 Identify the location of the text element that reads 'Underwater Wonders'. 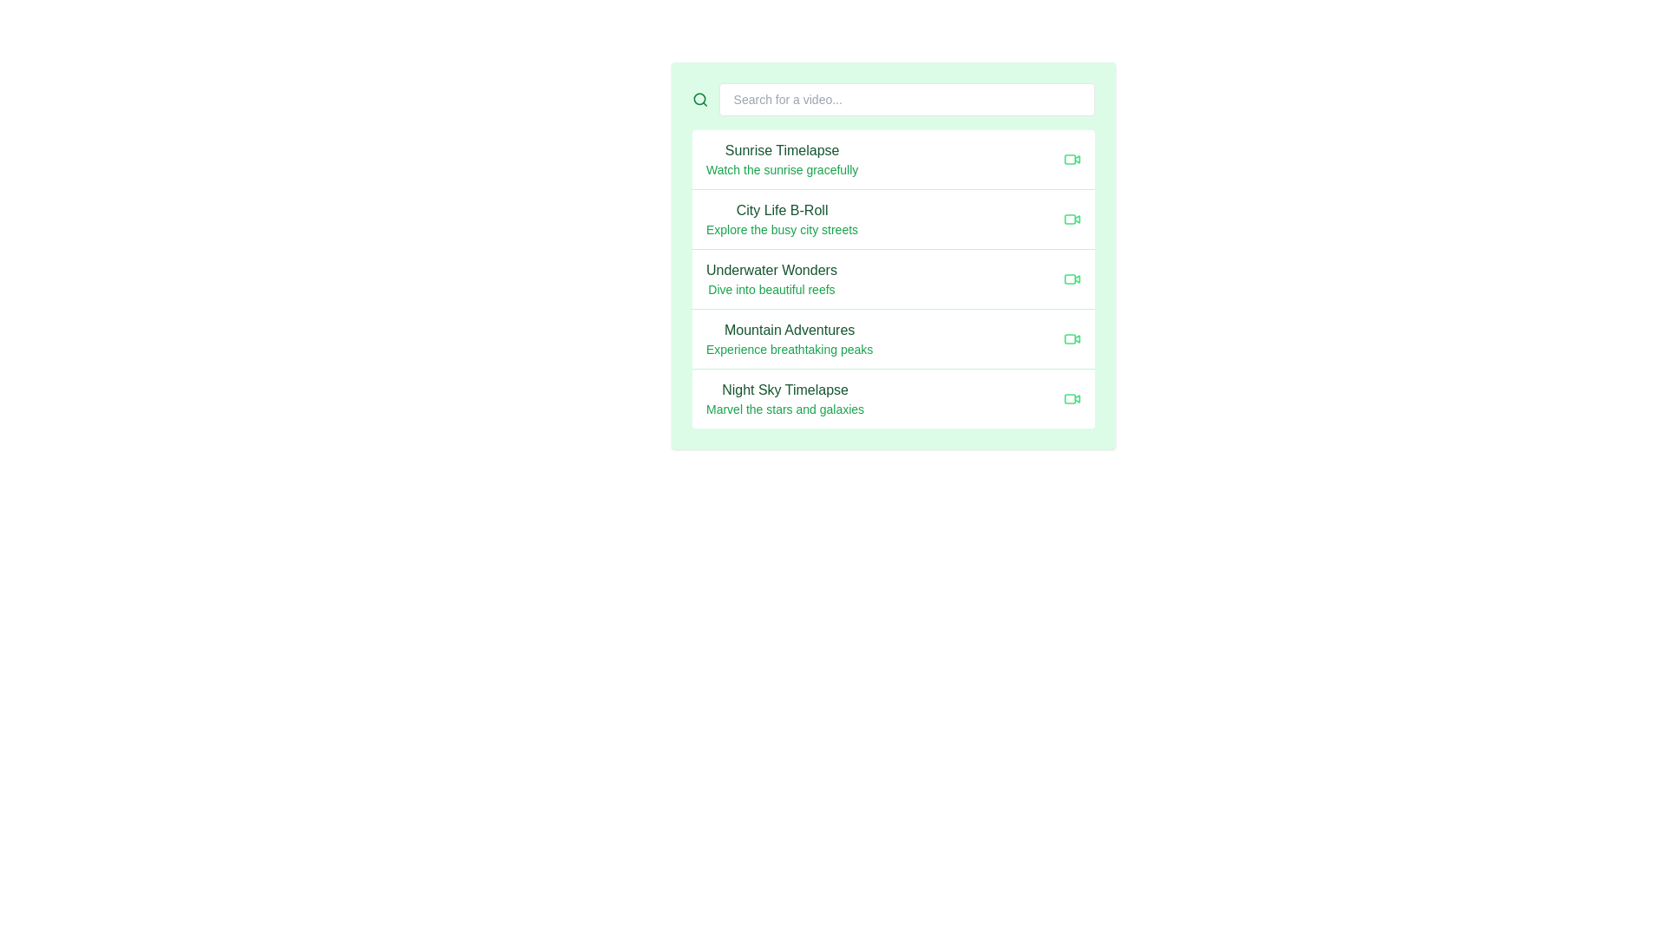
(771, 271).